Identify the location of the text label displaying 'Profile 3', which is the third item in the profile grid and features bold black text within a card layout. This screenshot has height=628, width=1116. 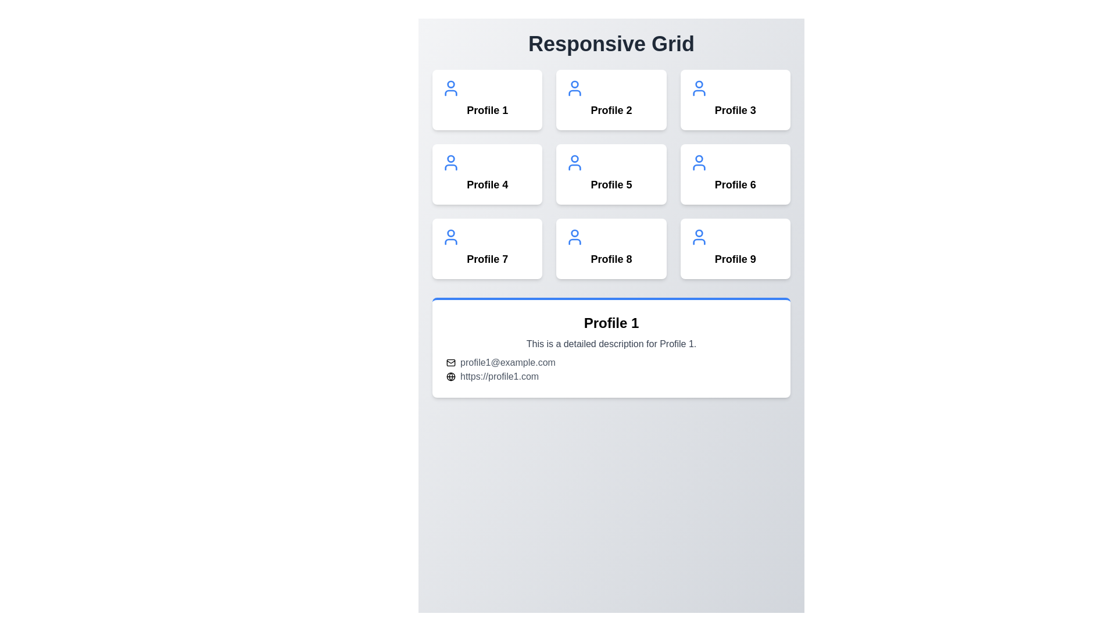
(735, 110).